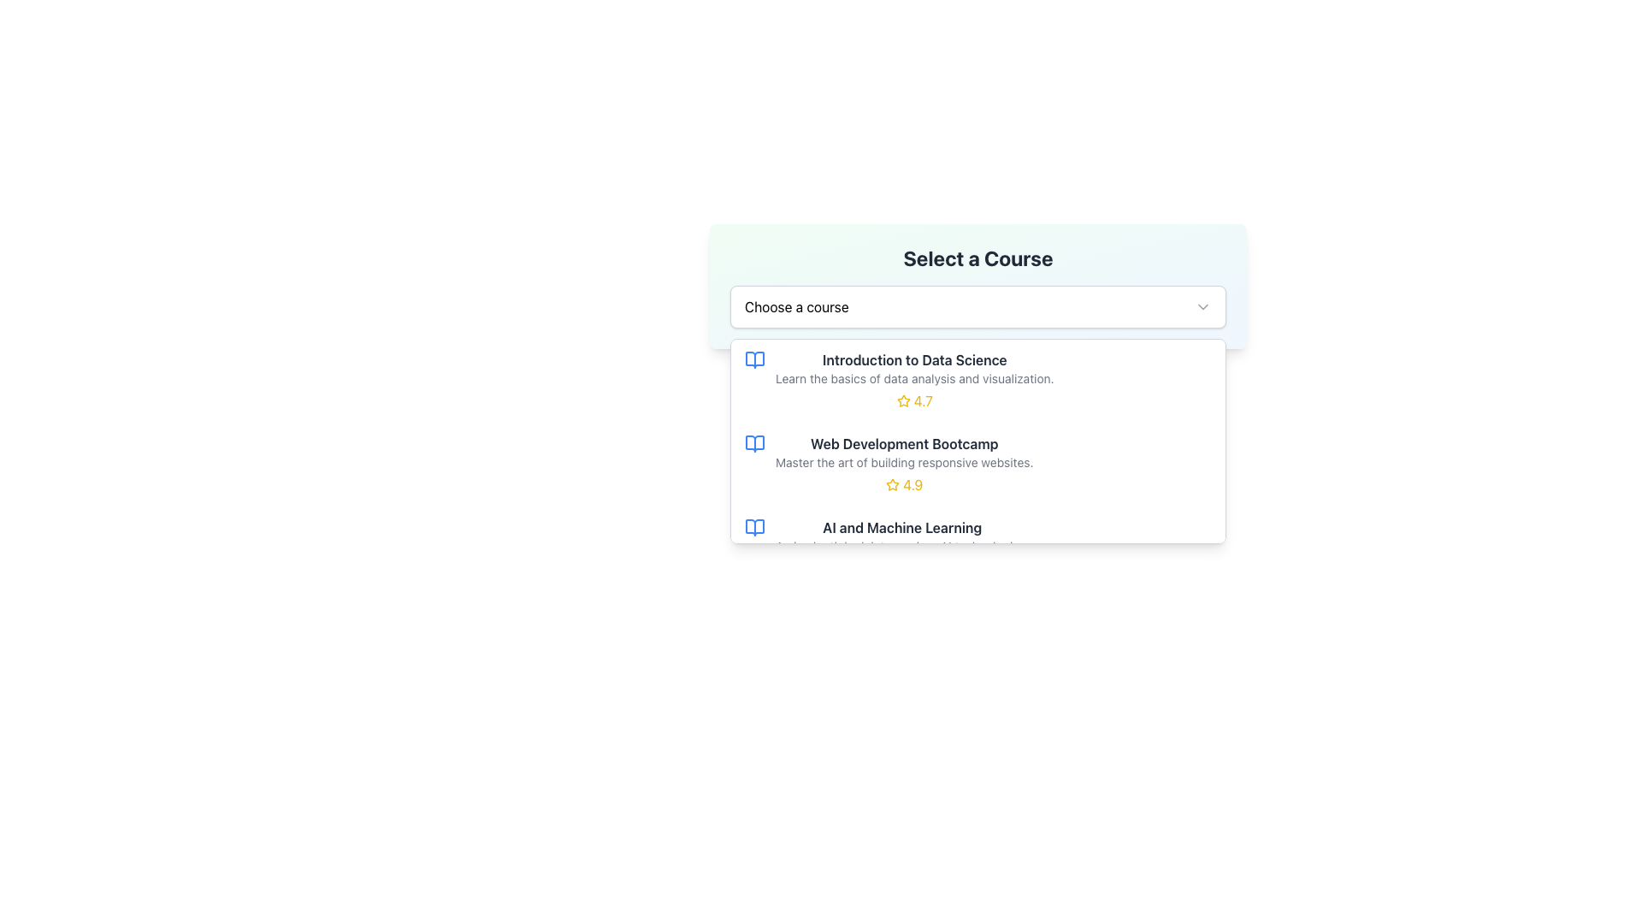 This screenshot has width=1642, height=924. Describe the element at coordinates (754, 527) in the screenshot. I see `the decorative icon associated with the course 'AI and Machine Learning' located in the dropdown menu titled 'Select a Course'` at that location.